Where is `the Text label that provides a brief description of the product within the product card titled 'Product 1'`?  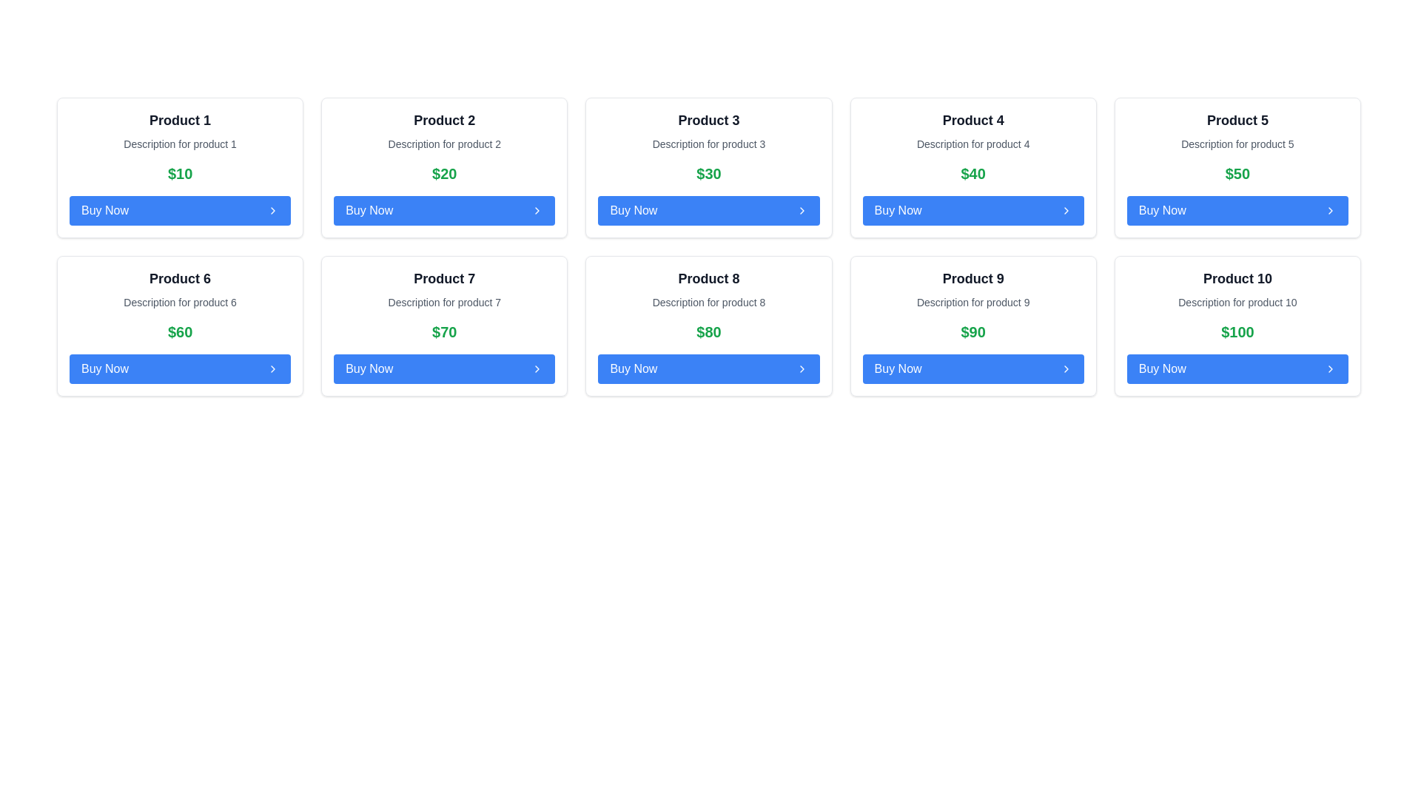
the Text label that provides a brief description of the product within the product card titled 'Product 1' is located at coordinates (179, 144).